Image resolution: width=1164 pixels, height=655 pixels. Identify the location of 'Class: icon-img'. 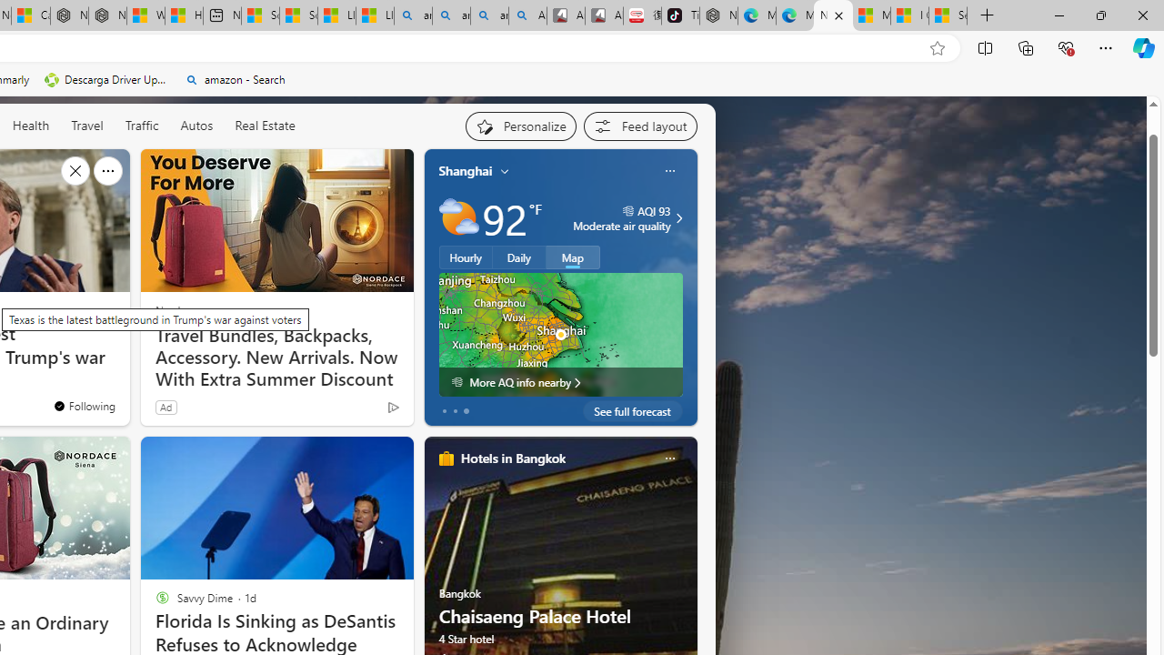
(668, 457).